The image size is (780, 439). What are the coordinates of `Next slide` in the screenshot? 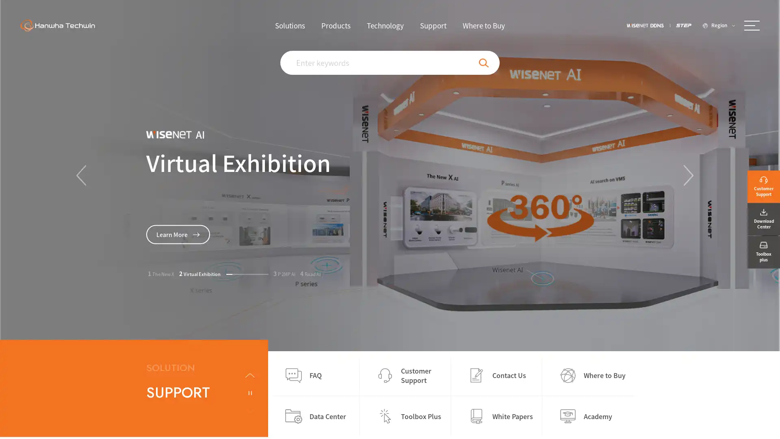 It's located at (249, 410).